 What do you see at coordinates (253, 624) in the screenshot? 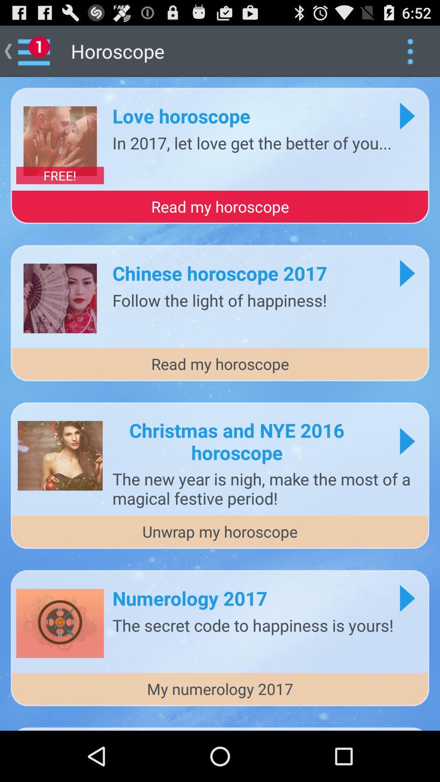
I see `the secret code item` at bounding box center [253, 624].